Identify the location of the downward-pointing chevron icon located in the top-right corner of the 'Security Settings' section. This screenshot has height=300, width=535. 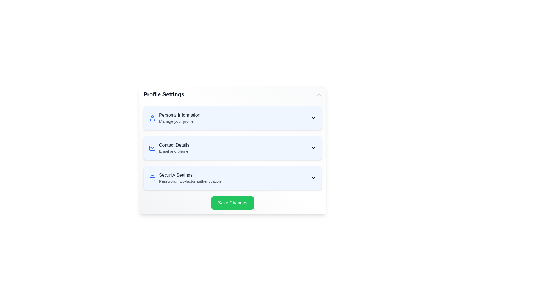
(313, 178).